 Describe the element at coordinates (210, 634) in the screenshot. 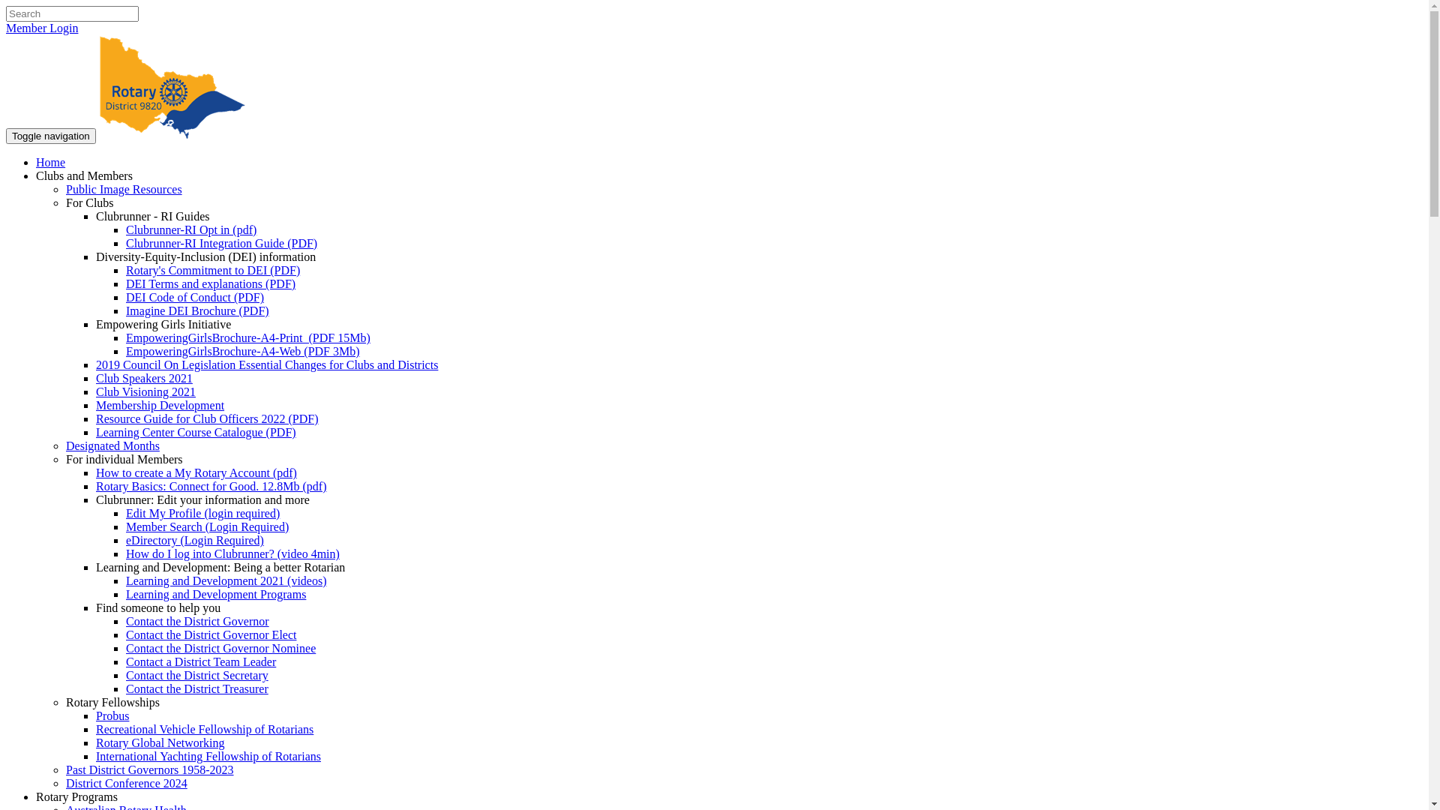

I see `'Contact the District Governor Elect'` at that location.